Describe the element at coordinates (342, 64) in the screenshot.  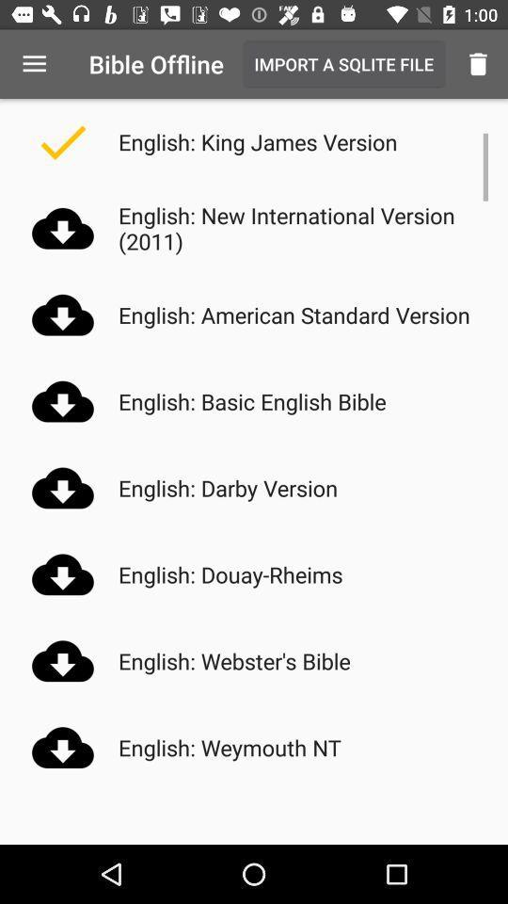
I see `item above english king james item` at that location.